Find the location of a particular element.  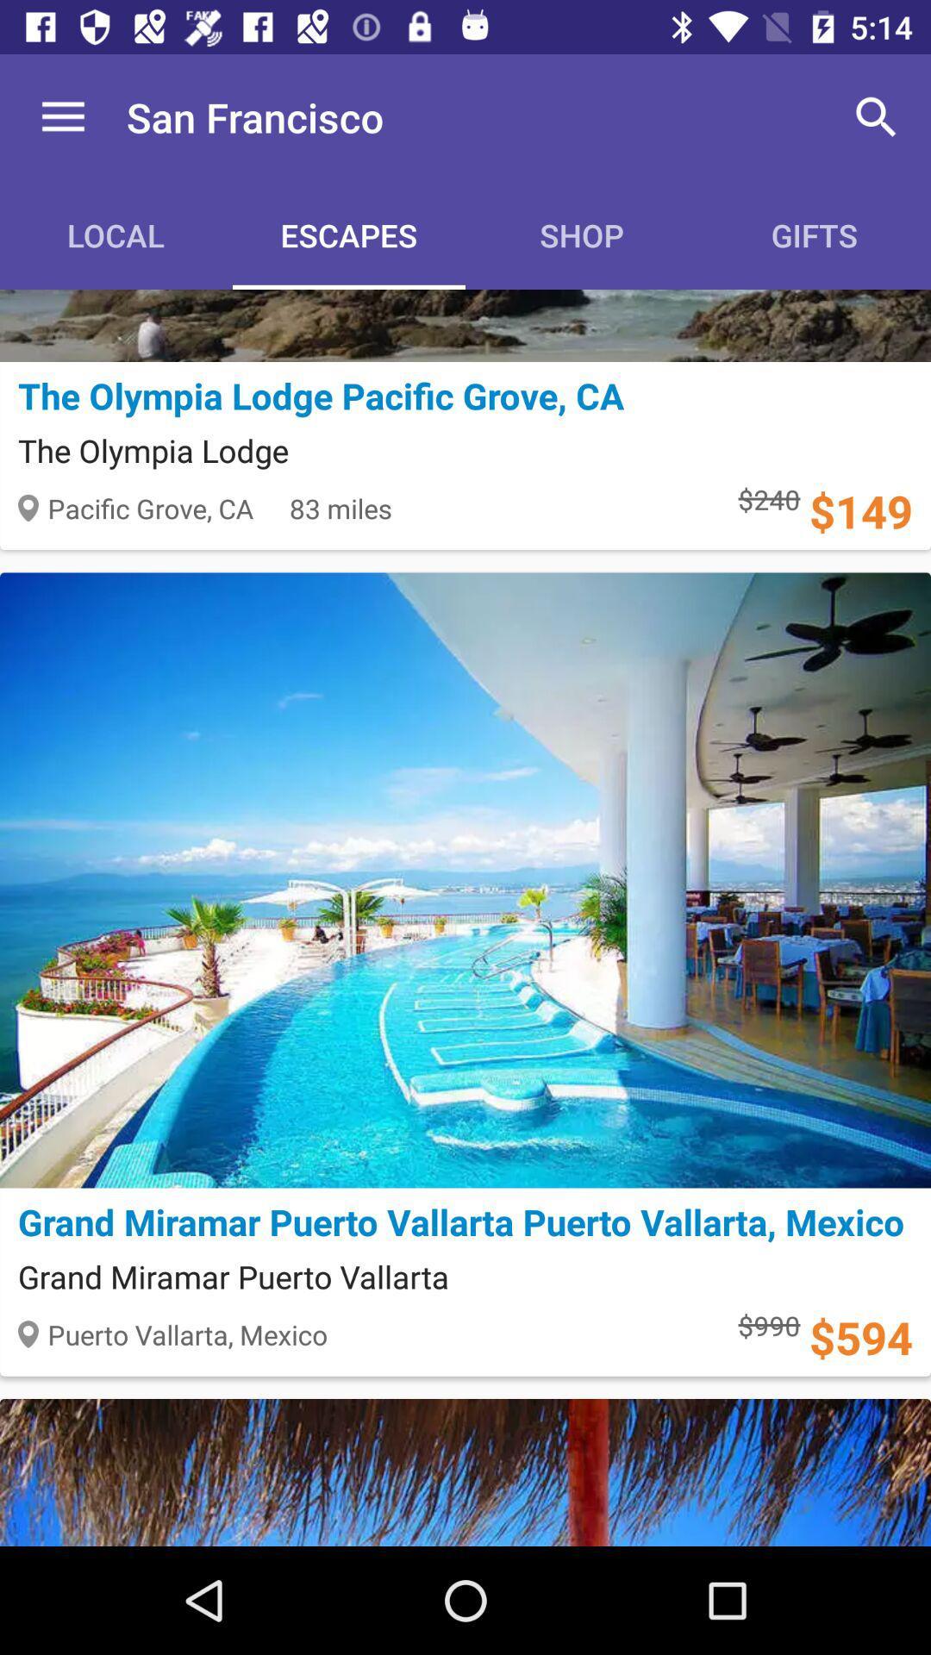

item next to san francisco icon is located at coordinates (877, 116).